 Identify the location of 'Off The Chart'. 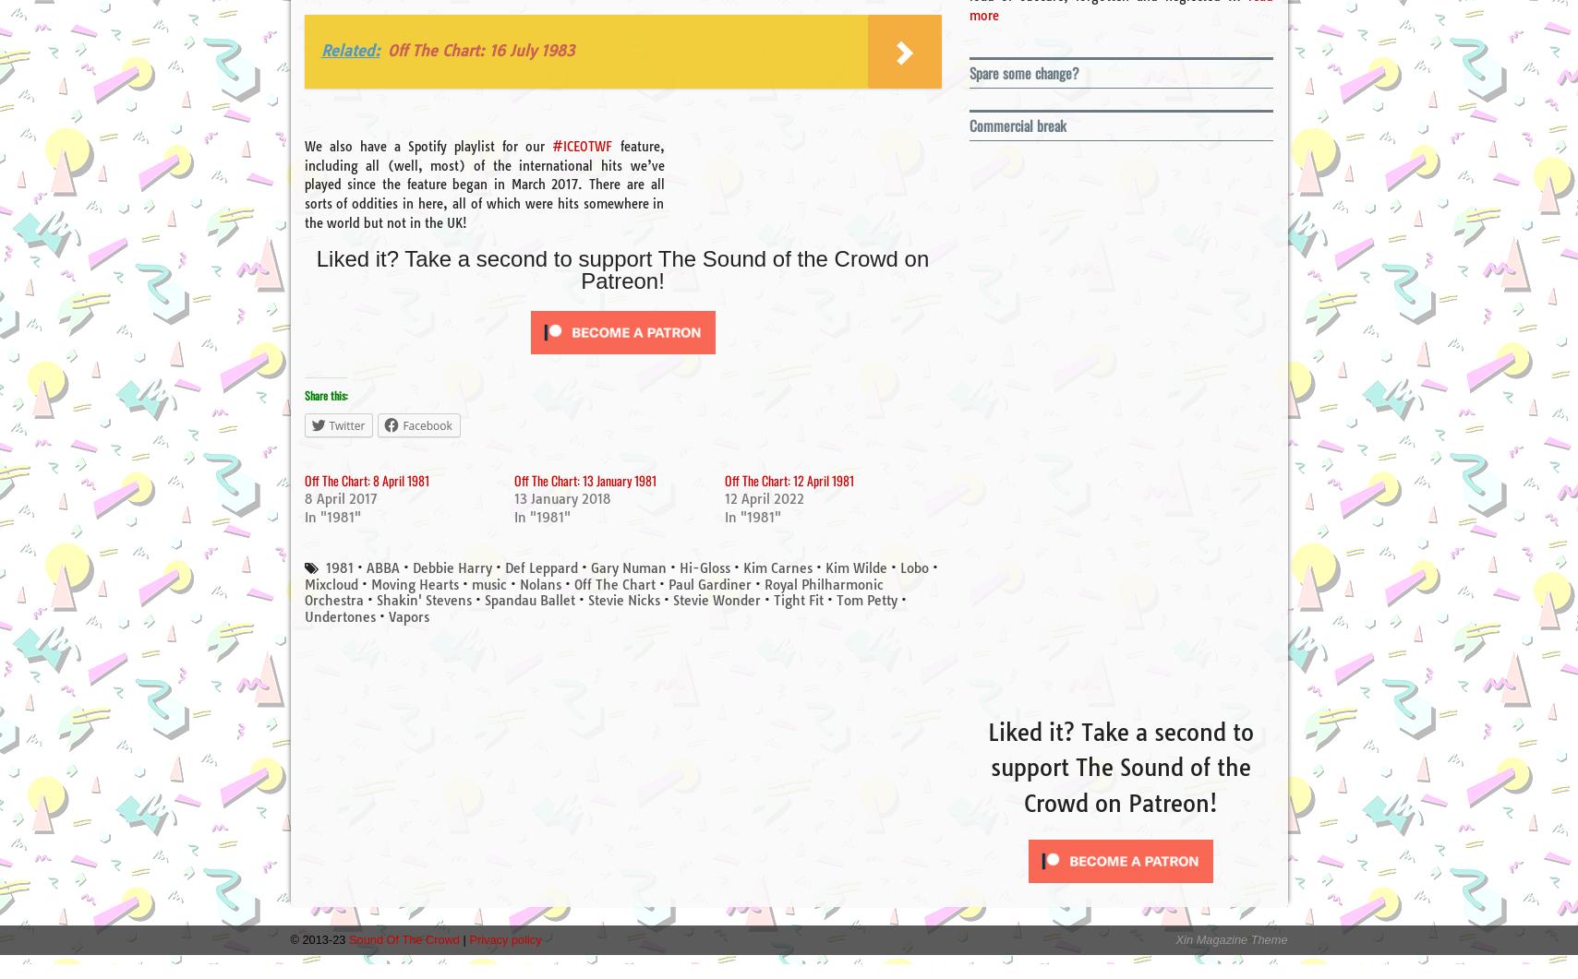
(612, 582).